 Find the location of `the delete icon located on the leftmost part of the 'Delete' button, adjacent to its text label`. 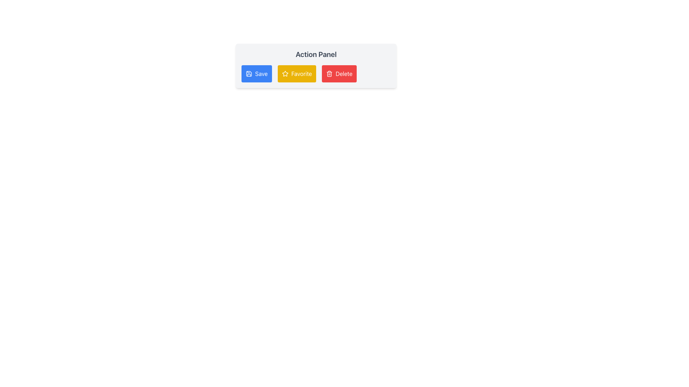

the delete icon located on the leftmost part of the 'Delete' button, adjacent to its text label is located at coordinates (329, 73).